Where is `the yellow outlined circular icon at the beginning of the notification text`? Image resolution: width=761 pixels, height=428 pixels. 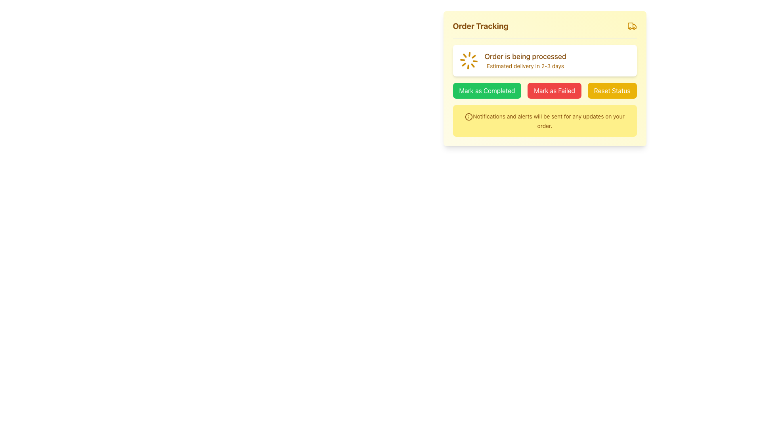 the yellow outlined circular icon at the beginning of the notification text is located at coordinates (469, 117).